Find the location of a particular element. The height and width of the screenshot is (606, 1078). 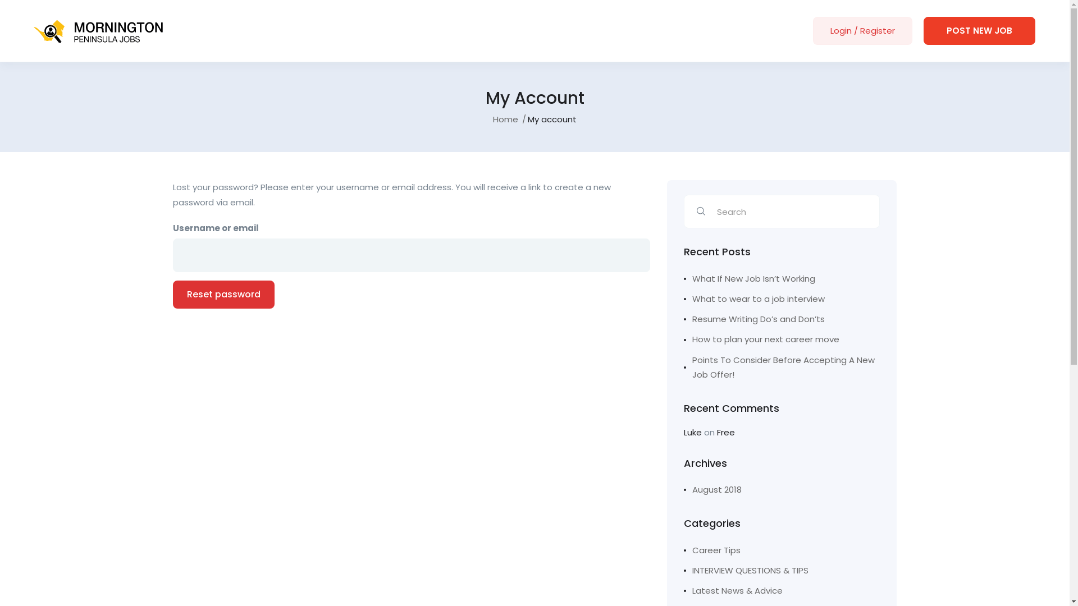

'Reset password' is located at coordinates (223, 293).